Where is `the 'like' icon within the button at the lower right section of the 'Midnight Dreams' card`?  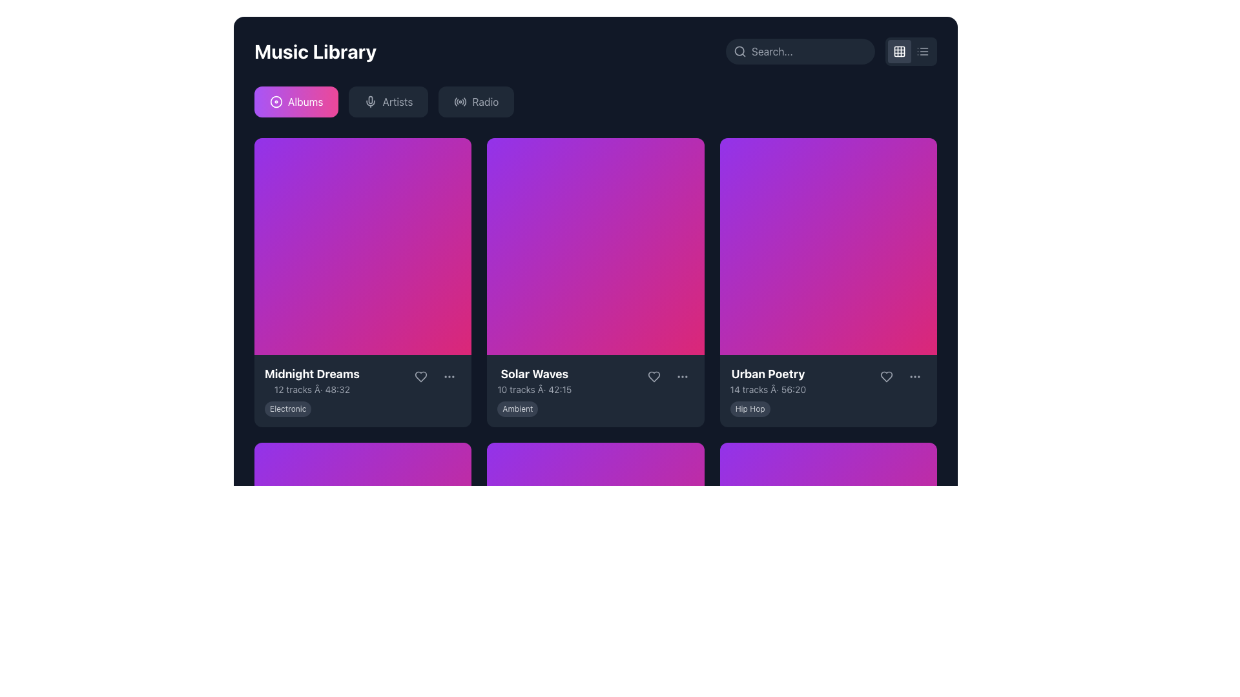 the 'like' icon within the button at the lower right section of the 'Midnight Dreams' card is located at coordinates (421, 377).